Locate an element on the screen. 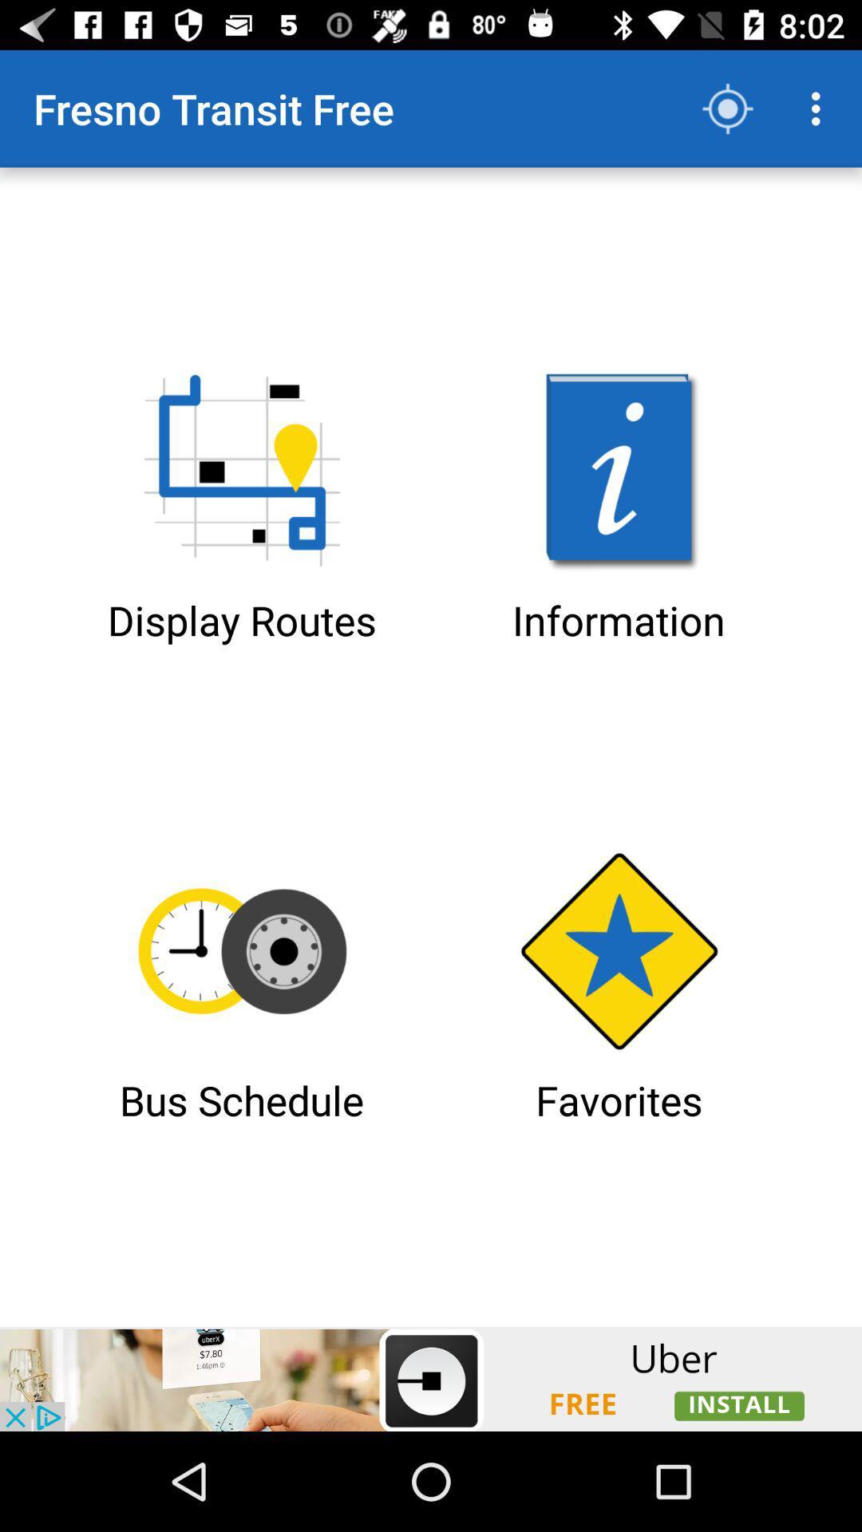  advertisement is located at coordinates (431, 1378).